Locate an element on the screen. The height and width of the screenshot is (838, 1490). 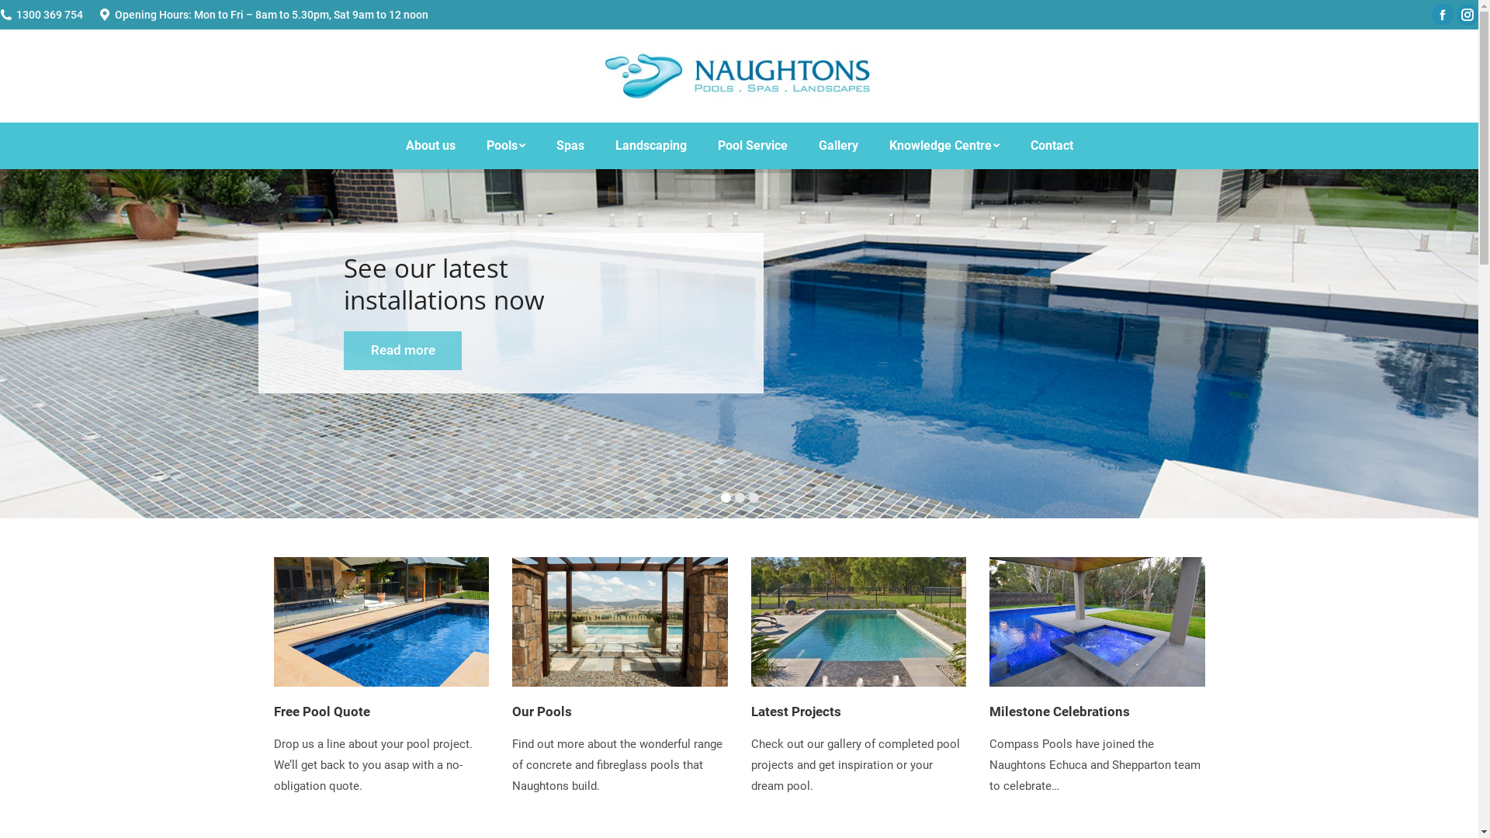
'Knowledge Centre' is located at coordinates (874, 146).